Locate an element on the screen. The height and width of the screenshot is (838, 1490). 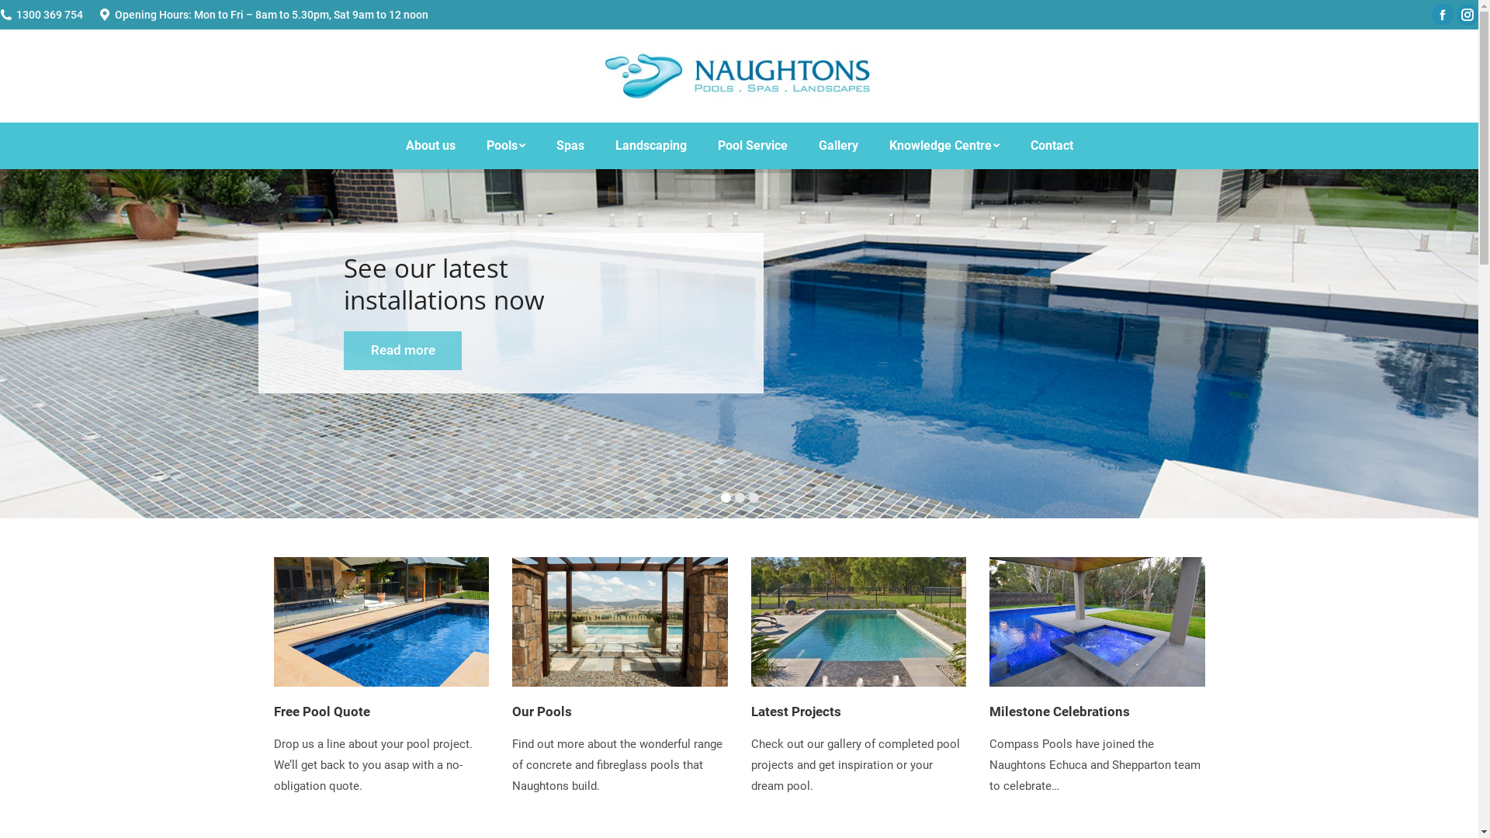
'Knowledge Centre' is located at coordinates (874, 146).